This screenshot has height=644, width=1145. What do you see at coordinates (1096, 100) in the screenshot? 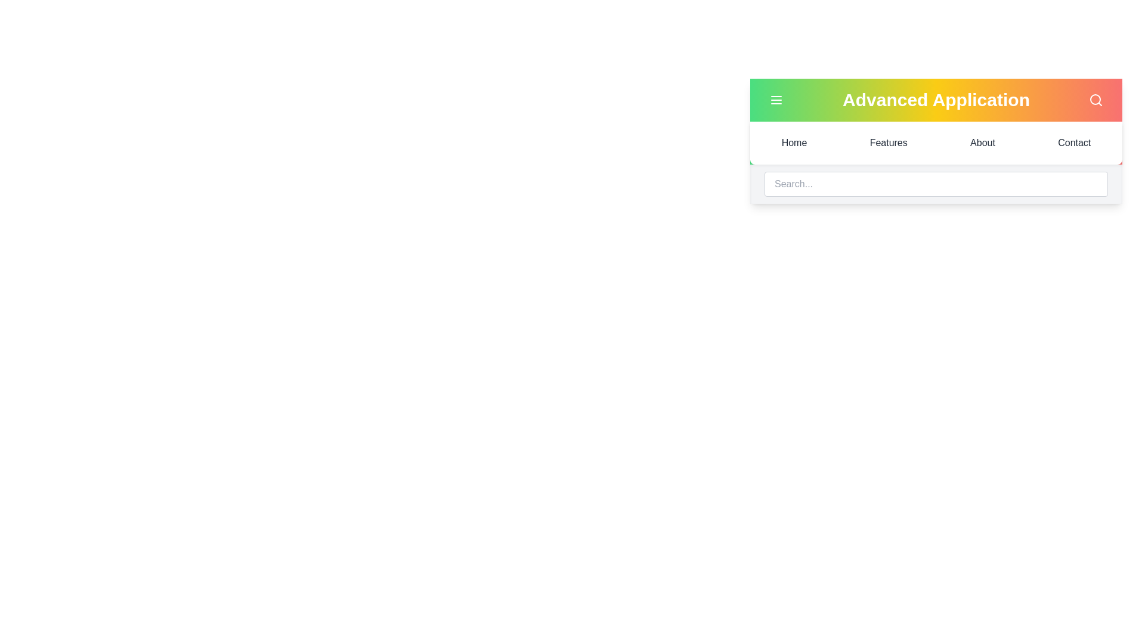
I see `the search toggle button to toggle the visibility of the search bar` at bounding box center [1096, 100].